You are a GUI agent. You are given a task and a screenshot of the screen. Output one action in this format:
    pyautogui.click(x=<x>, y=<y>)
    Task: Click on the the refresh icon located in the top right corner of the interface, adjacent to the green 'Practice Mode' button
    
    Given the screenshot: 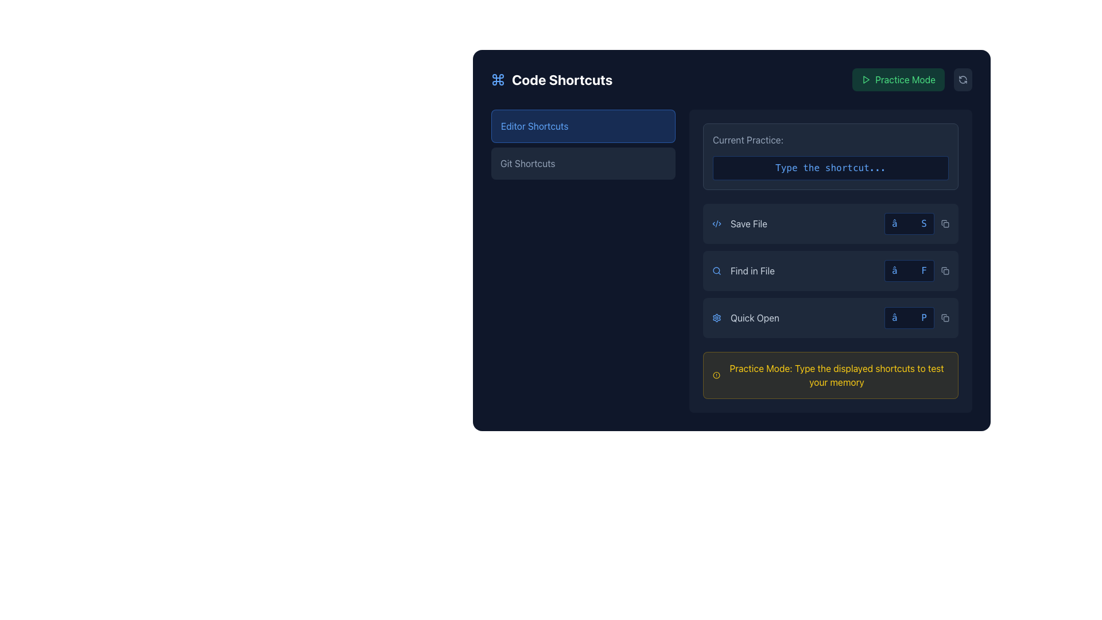 What is the action you would take?
    pyautogui.click(x=963, y=79)
    